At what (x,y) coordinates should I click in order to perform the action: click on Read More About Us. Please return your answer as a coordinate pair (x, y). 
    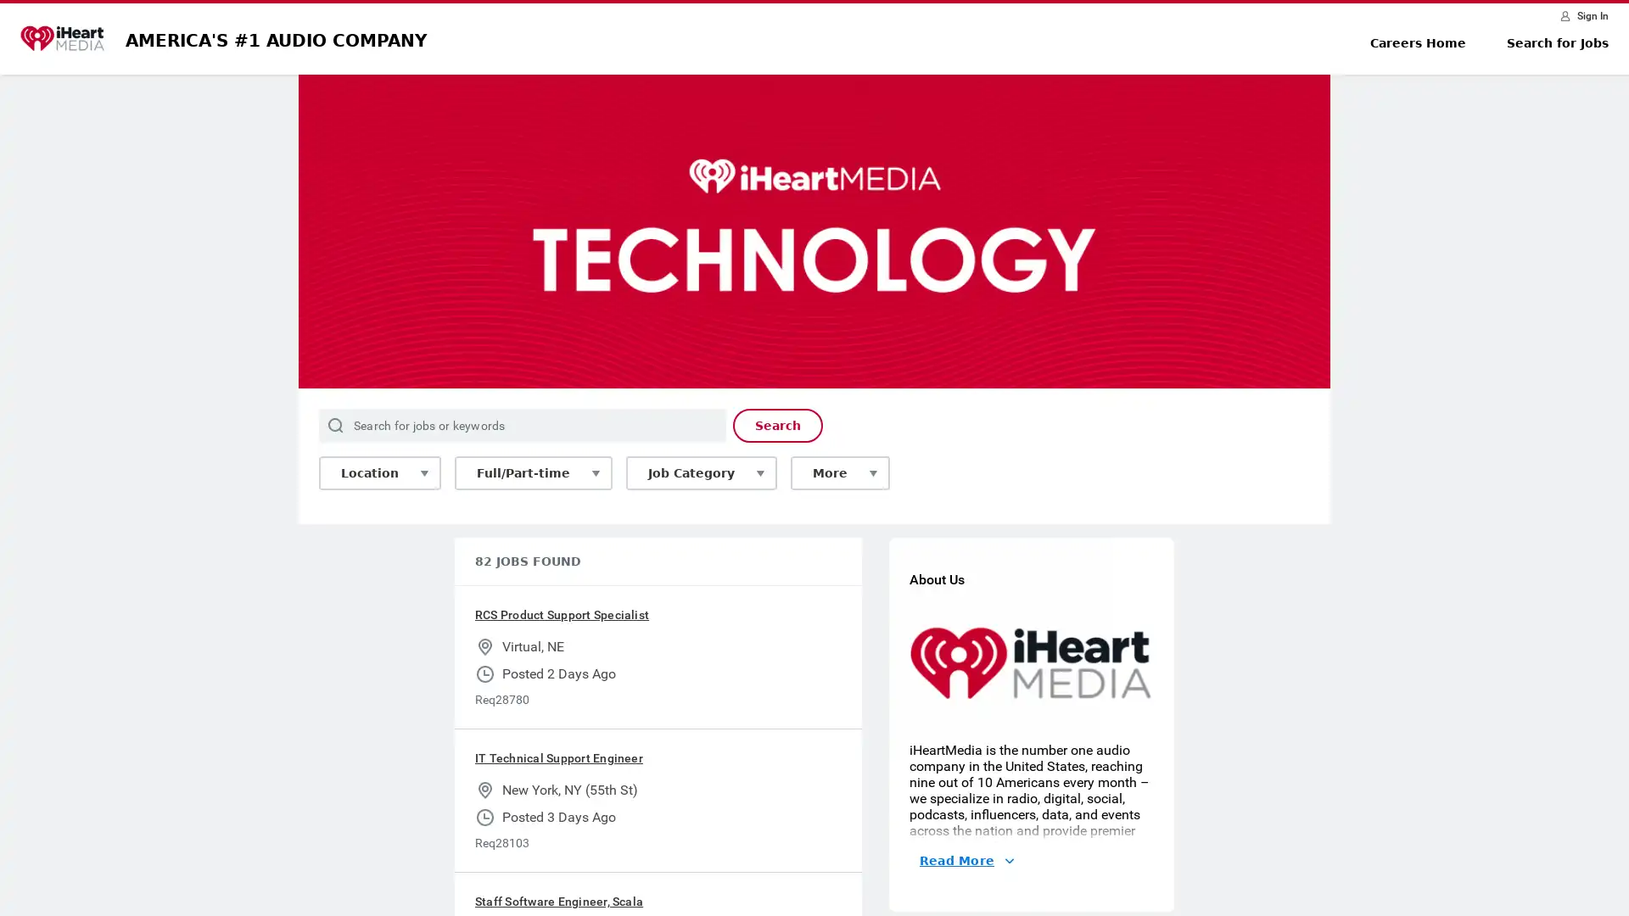
    Looking at the image, I should click on (958, 860).